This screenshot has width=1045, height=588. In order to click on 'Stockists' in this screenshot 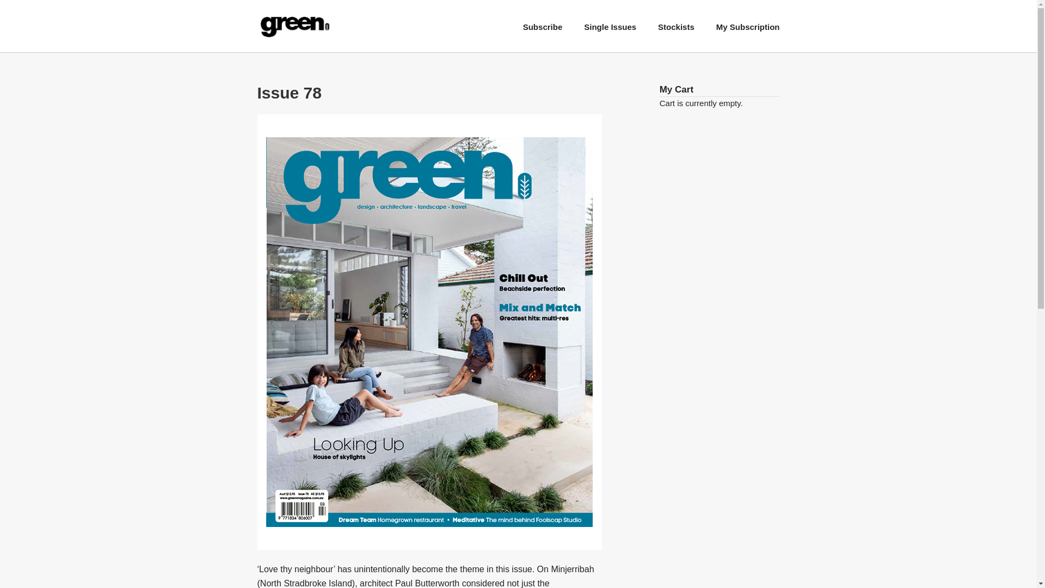, I will do `click(675, 26)`.